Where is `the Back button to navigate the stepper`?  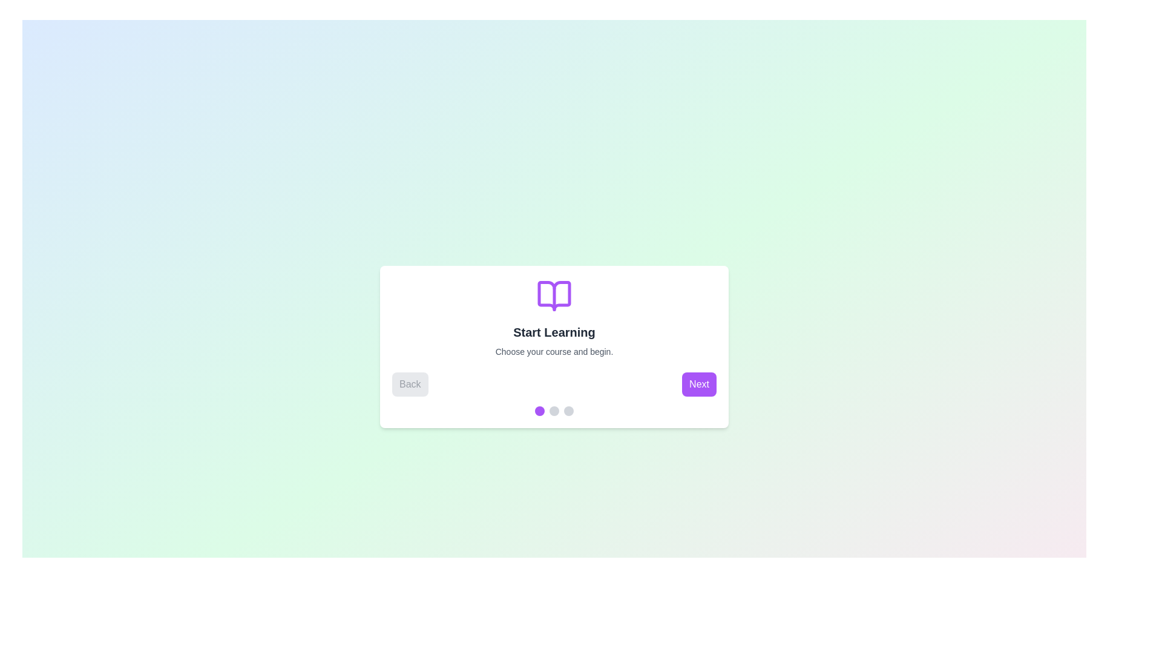 the Back button to navigate the stepper is located at coordinates (410, 385).